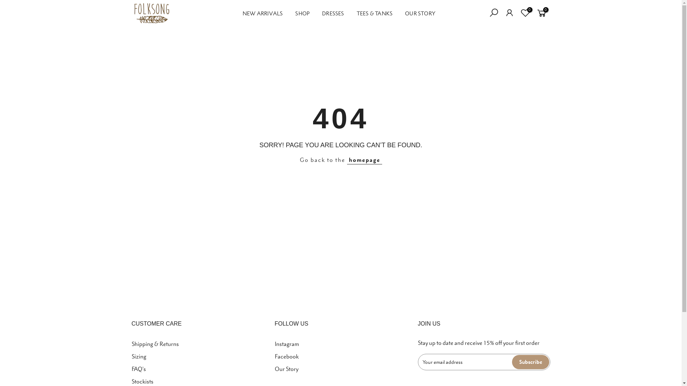  What do you see at coordinates (142, 381) in the screenshot?
I see `'Stockists'` at bounding box center [142, 381].